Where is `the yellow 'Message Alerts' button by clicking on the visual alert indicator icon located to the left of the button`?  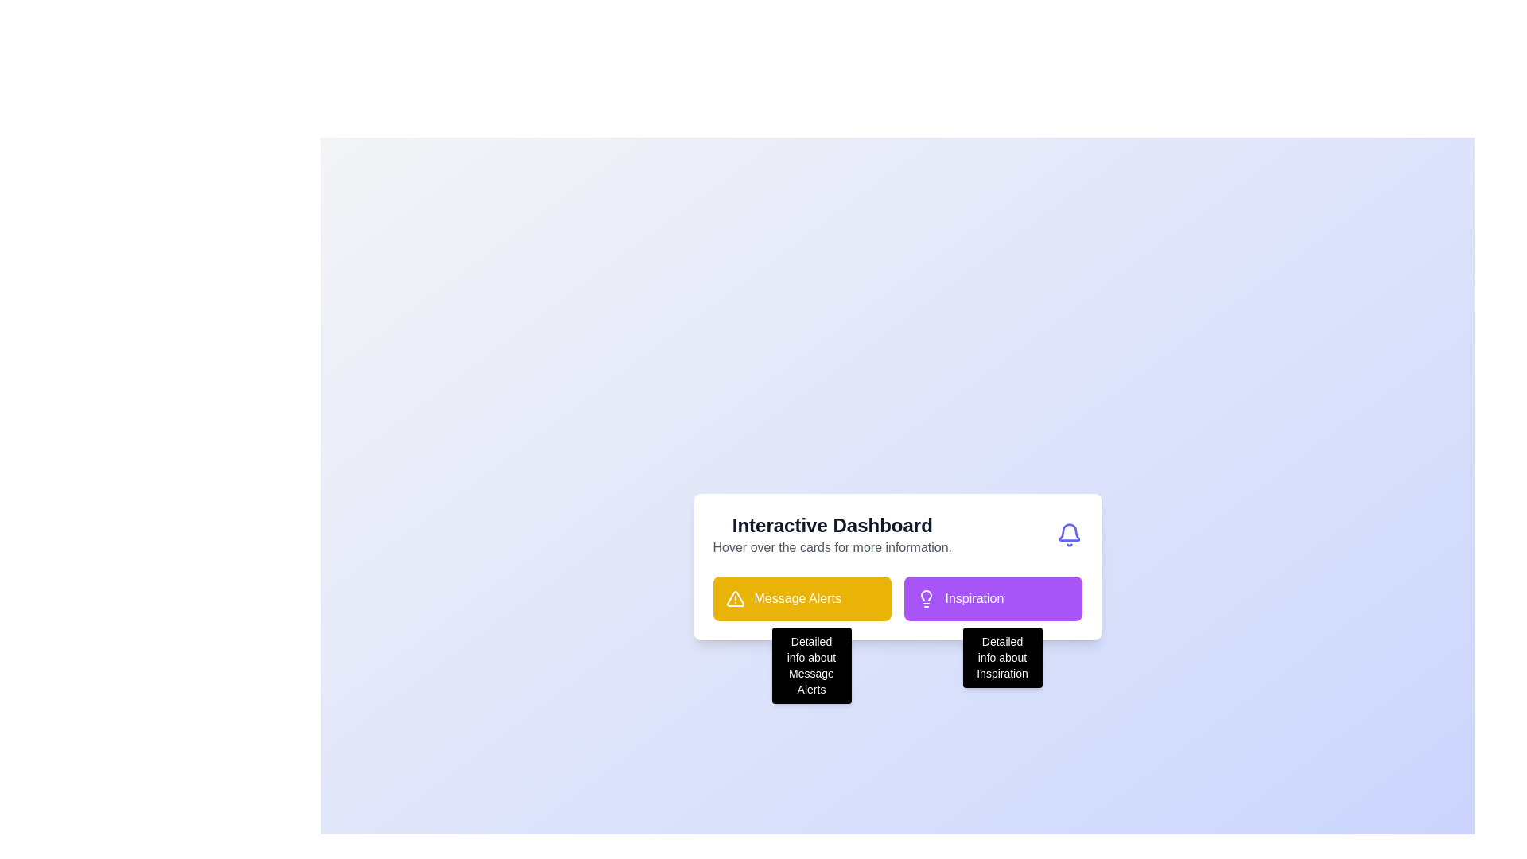
the yellow 'Message Alerts' button by clicking on the visual alert indicator icon located to the left of the button is located at coordinates (734, 598).